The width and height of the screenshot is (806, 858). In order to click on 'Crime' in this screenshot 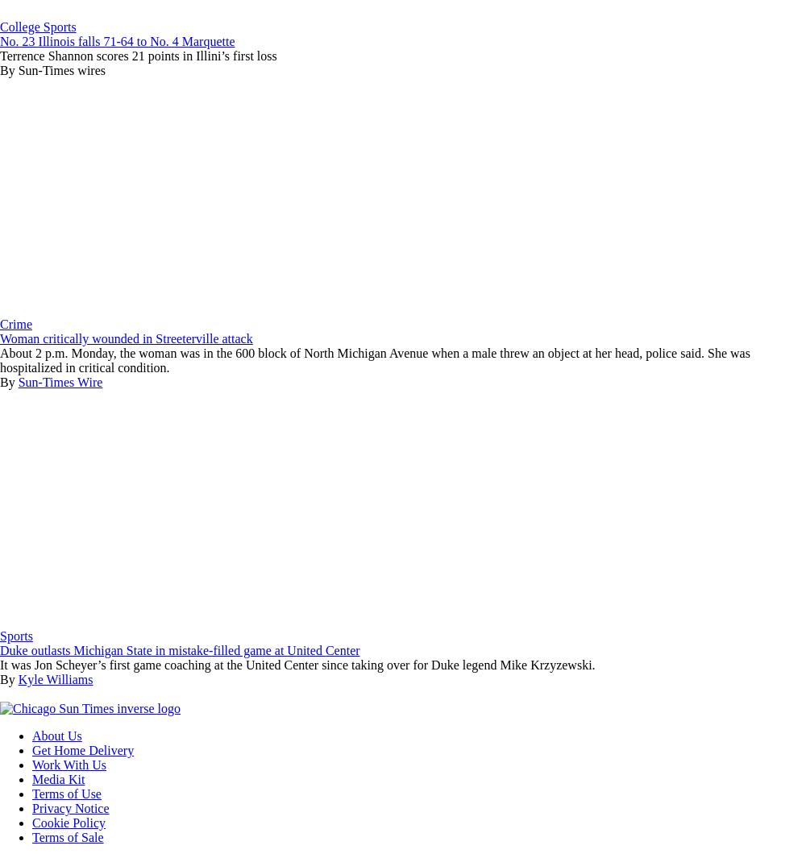, I will do `click(0, 323)`.